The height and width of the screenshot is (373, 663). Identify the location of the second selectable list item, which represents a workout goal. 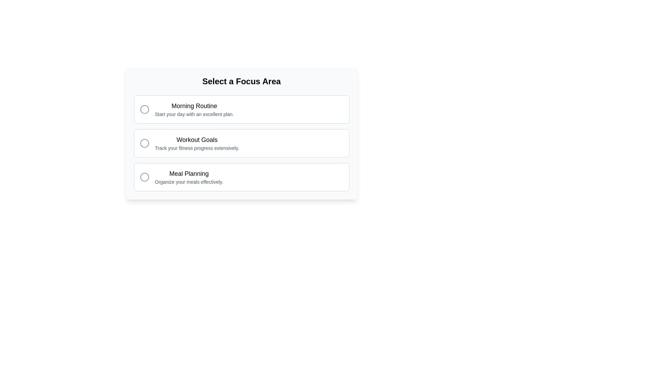
(241, 143).